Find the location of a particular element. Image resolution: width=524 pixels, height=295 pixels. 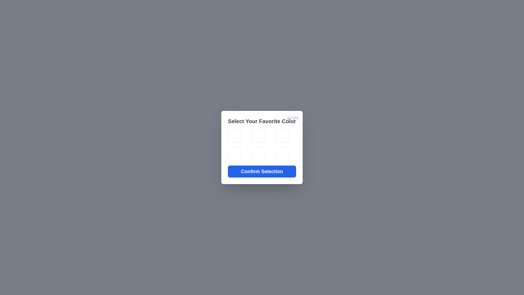

the color tile corresponding to orange is located at coordinates (283, 154).